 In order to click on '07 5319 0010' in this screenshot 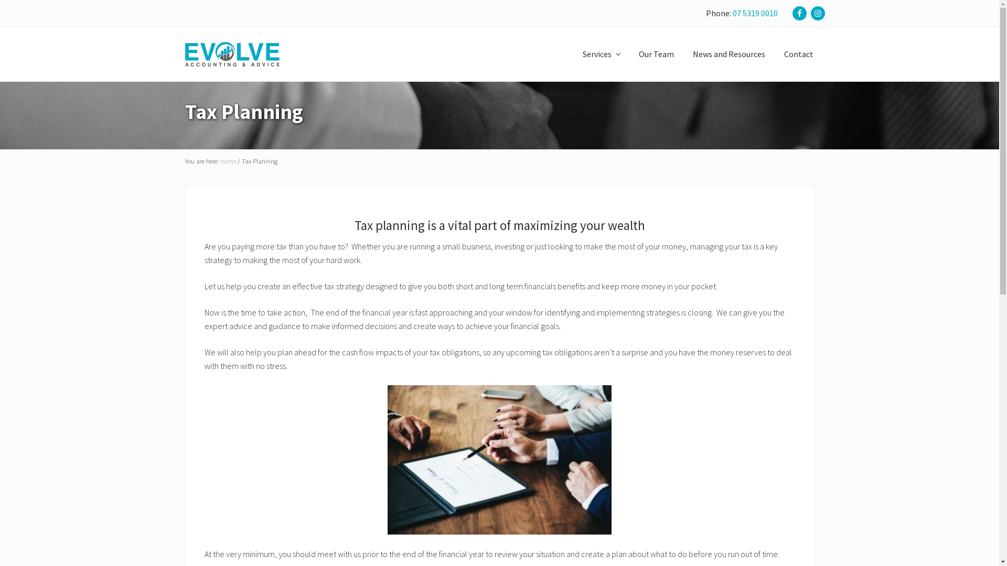, I will do `click(754, 13)`.